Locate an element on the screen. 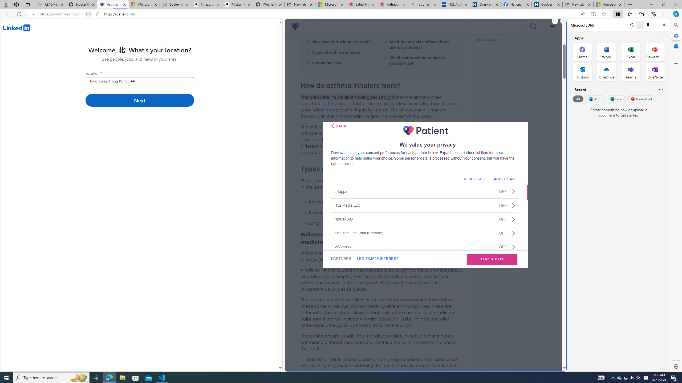 The image size is (682, 383). 'ACCEPT ALL' is located at coordinates (505, 178).